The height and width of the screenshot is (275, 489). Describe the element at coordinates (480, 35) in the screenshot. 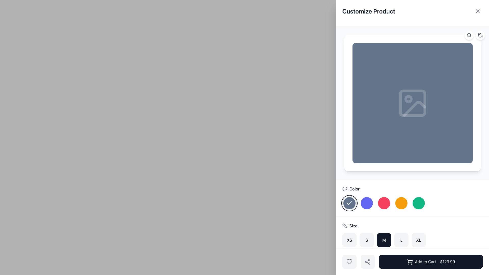

I see `the second circular button in the top-right corner with a refresh icon to refresh the view or content` at that location.